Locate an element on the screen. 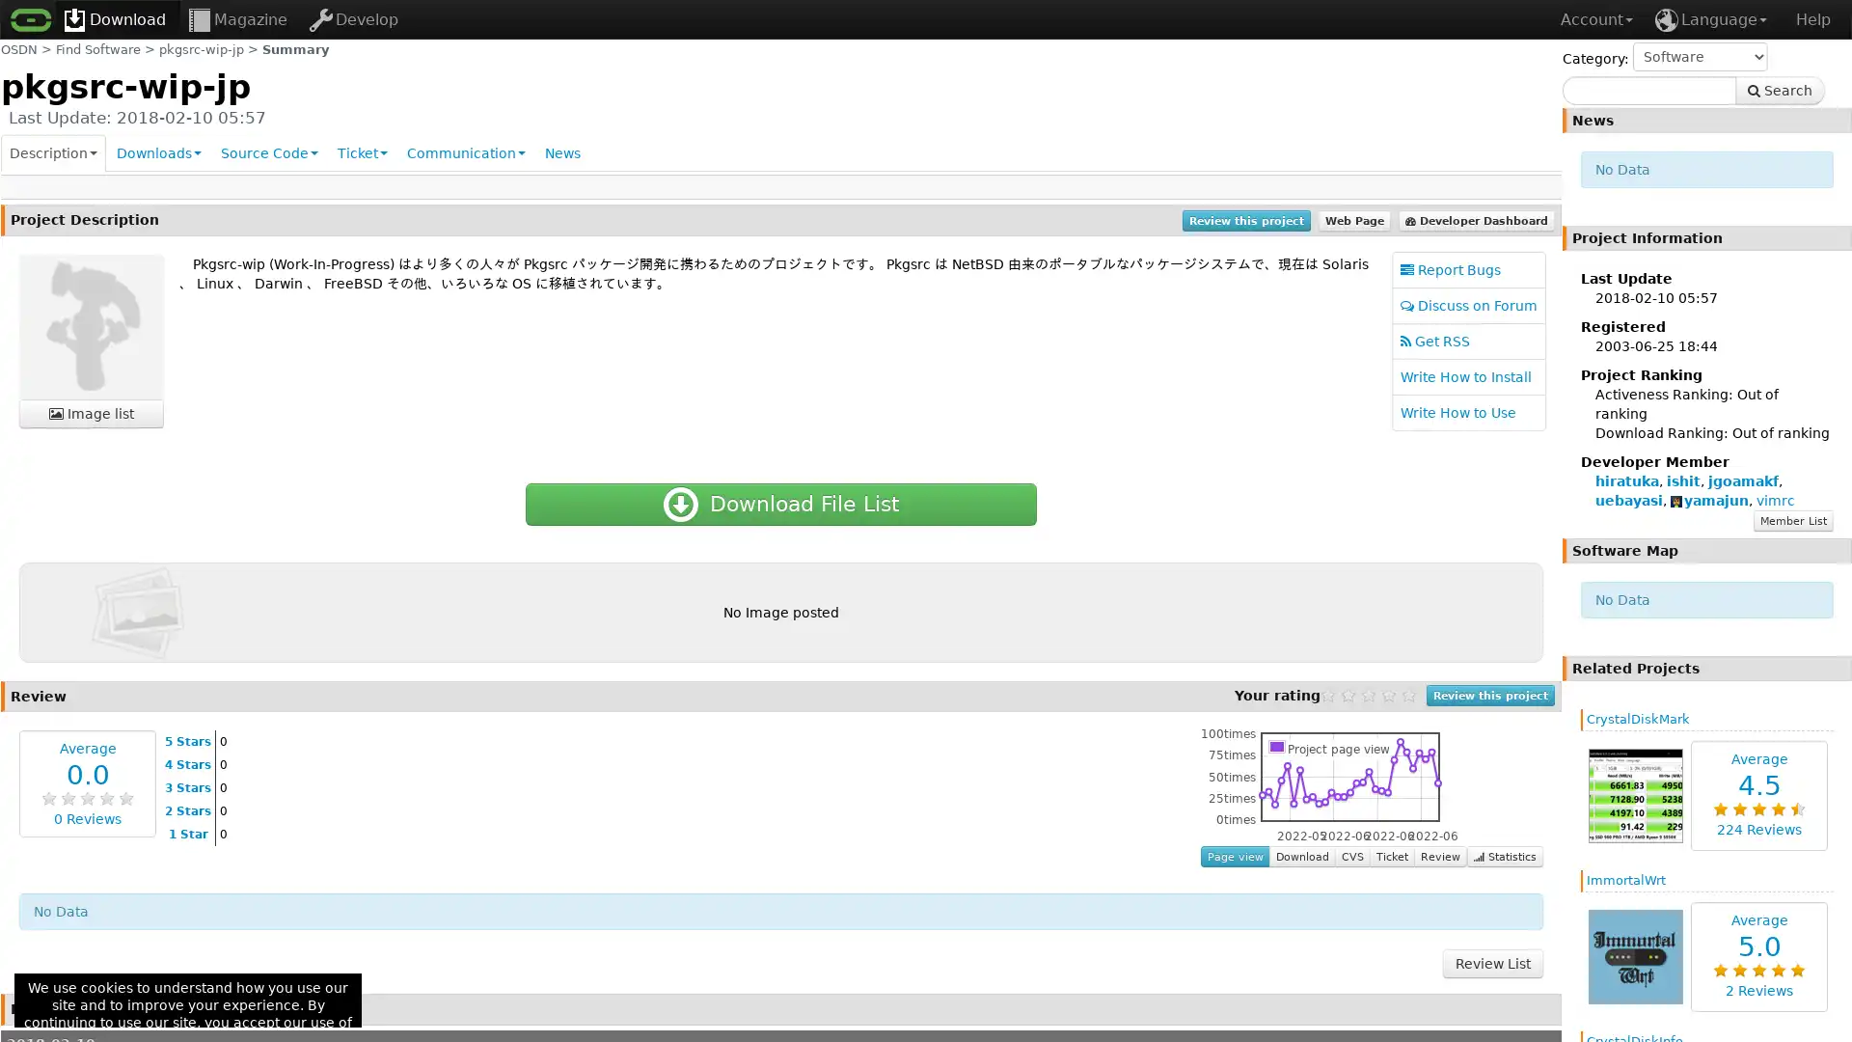 The image size is (1852, 1042). Image list is located at coordinates (91, 412).